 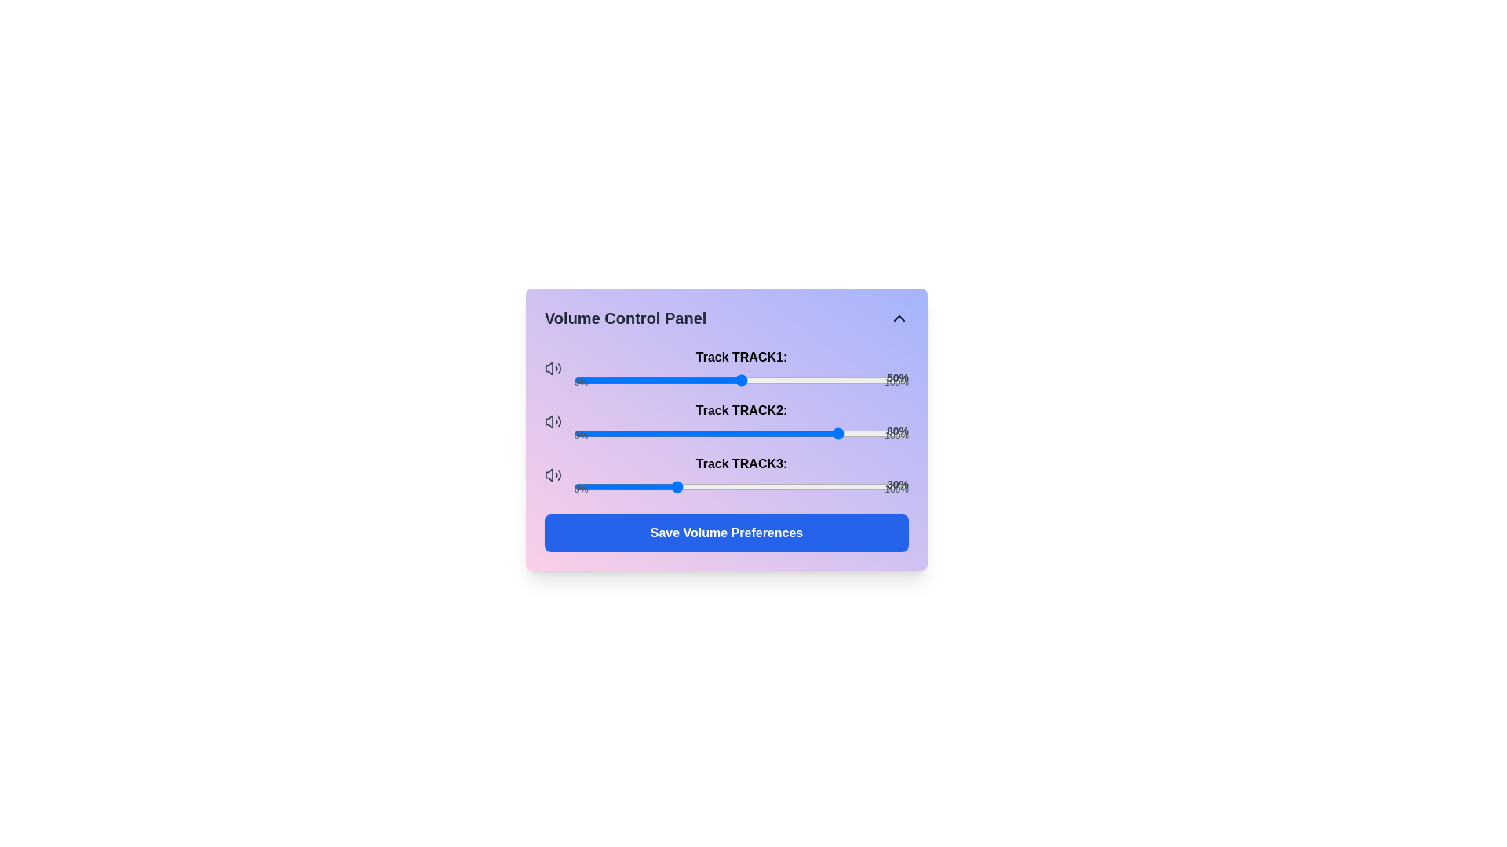 What do you see at coordinates (726, 420) in the screenshot?
I see `the volume slider for 'Track TRACK2' within the volume control panel` at bounding box center [726, 420].